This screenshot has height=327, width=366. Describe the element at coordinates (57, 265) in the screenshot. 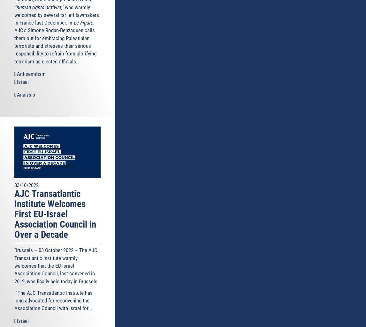

I see `'Brussels – 03 October 2022 – The AJC Transatlantic Institute warmly welcomes that the EU-Israel Association Council, last convened in 2012, was finally held today in Brussels.'` at that location.